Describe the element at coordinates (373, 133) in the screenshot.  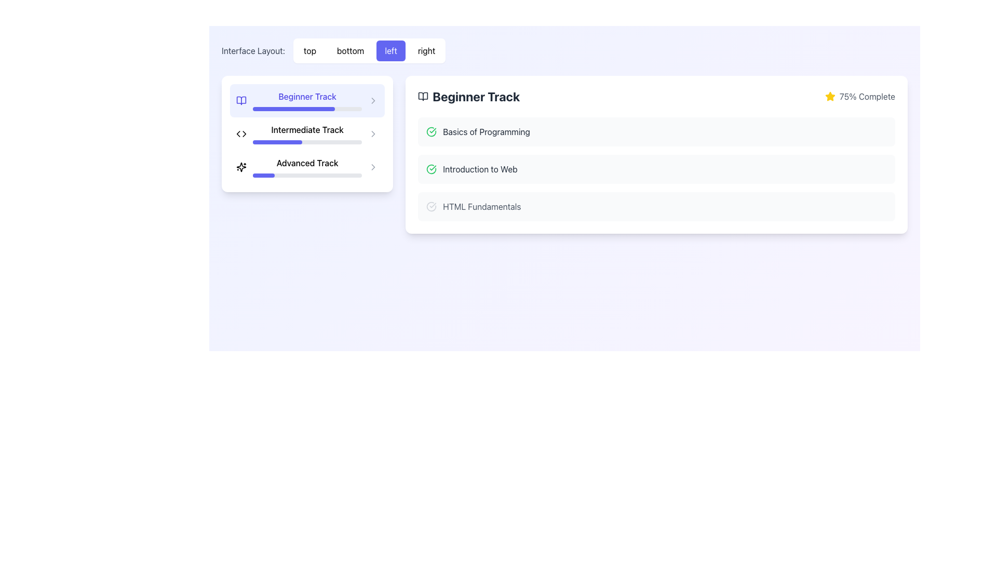
I see `the rightward arrow icon located directly to the right of the 'Advanced Track' label in the navigational menu on the left side of the interface` at that location.